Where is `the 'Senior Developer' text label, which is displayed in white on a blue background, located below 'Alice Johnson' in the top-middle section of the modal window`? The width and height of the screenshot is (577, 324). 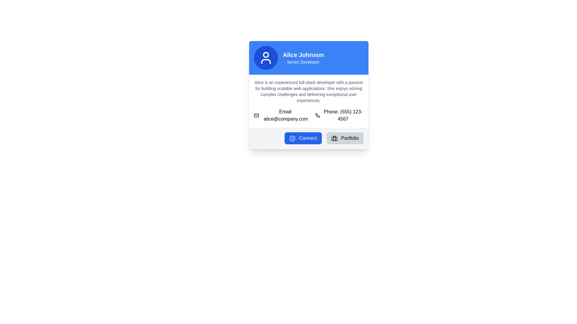 the 'Senior Developer' text label, which is displayed in white on a blue background, located below 'Alice Johnson' in the top-middle section of the modal window is located at coordinates (303, 62).